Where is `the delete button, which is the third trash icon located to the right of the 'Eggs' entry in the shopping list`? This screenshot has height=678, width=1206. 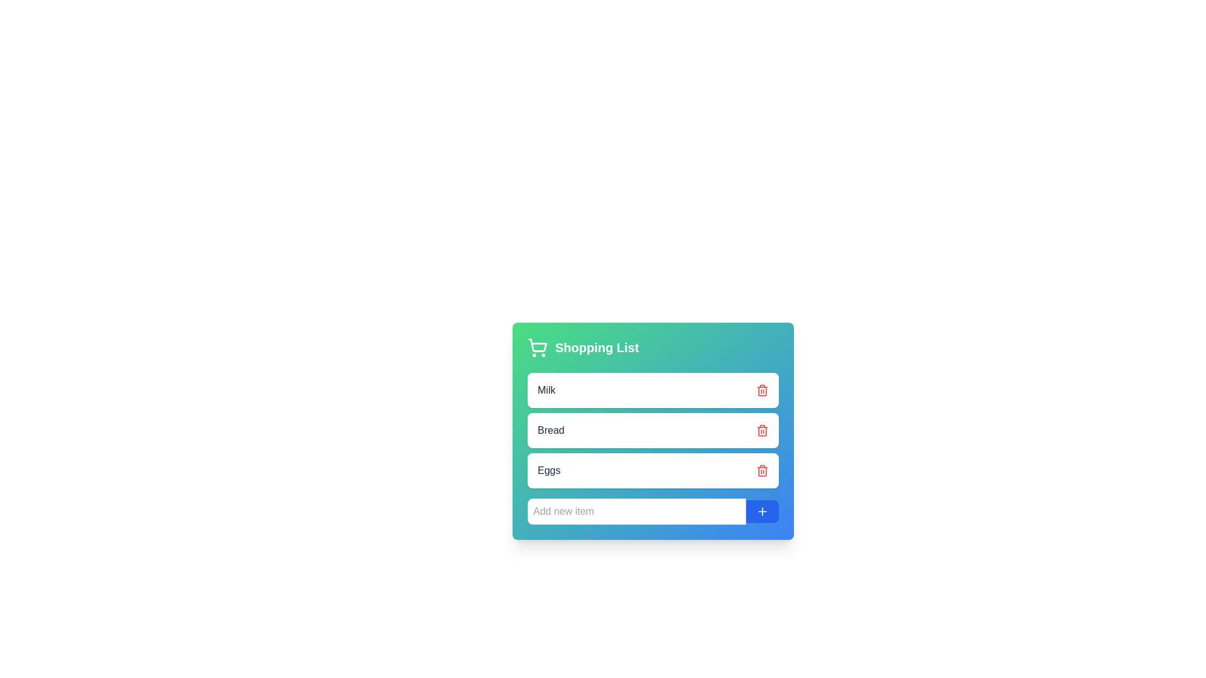 the delete button, which is the third trash icon located to the right of the 'Eggs' entry in the shopping list is located at coordinates (762, 470).